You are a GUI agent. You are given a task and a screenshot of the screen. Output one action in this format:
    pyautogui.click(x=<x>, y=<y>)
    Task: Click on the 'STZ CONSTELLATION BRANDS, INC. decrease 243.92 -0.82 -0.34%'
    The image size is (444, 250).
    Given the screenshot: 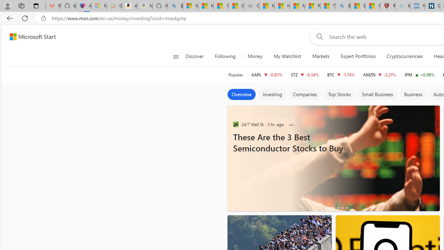 What is the action you would take?
    pyautogui.click(x=305, y=74)
    